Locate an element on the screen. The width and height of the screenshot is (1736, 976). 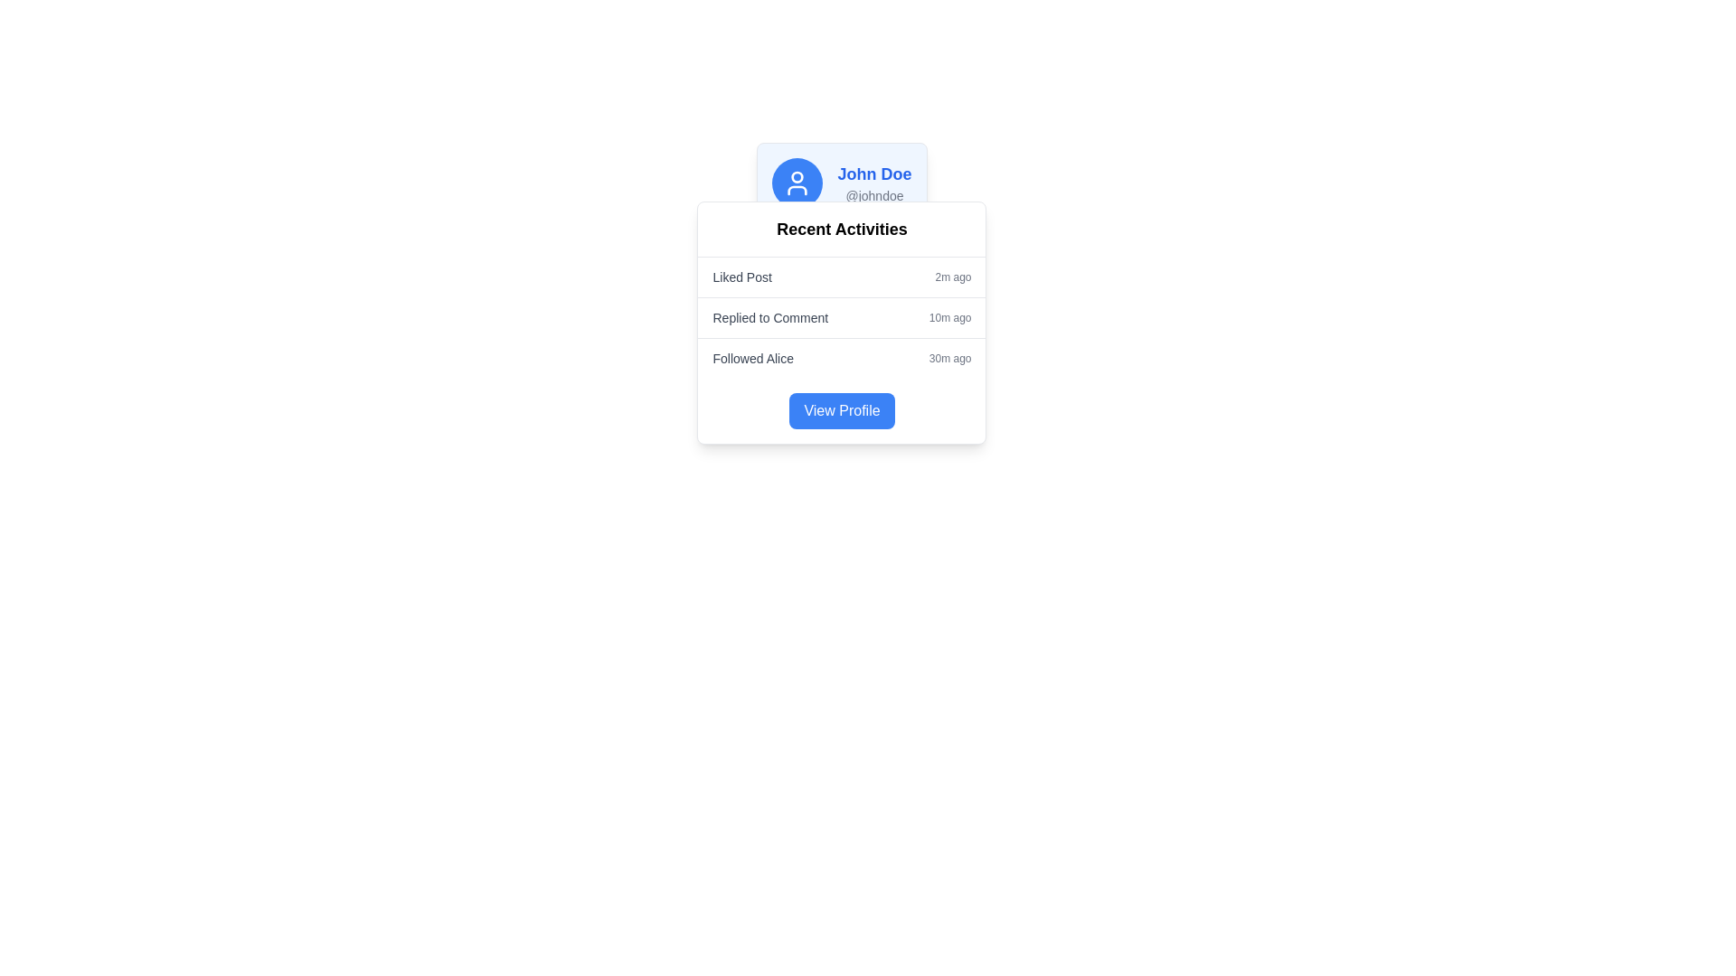
the Text Display element that shows the user's name and handle, located at the top section of the interface near the center, for potential interactive feedback is located at coordinates (874, 183).